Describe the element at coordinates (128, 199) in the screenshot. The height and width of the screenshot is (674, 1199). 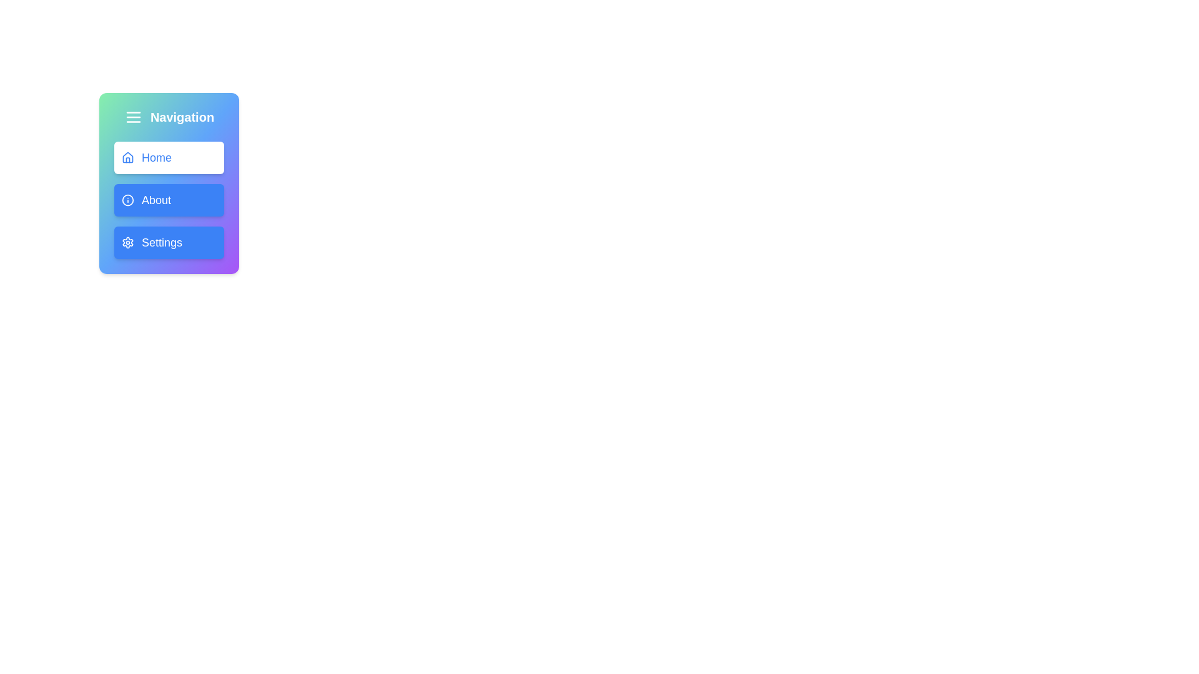
I see `the visual representation of the 'information' icon located to the left of the 'About' text in the navigation menu` at that location.